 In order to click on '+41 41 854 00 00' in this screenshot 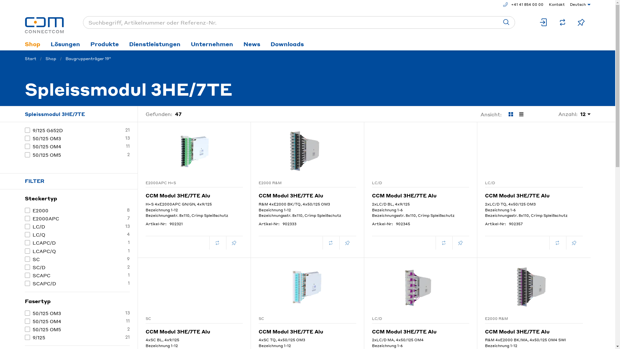, I will do `click(500, 5)`.